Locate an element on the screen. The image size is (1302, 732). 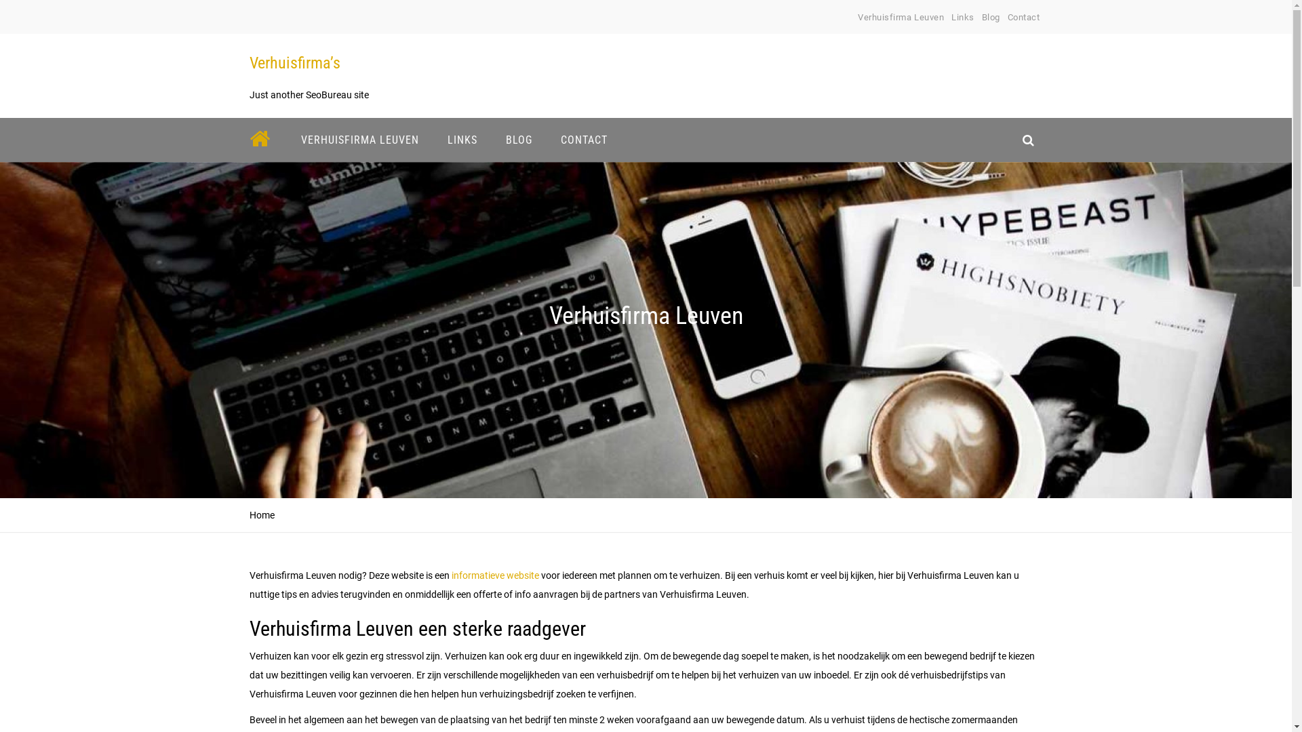
'LINKS' is located at coordinates (438, 140).